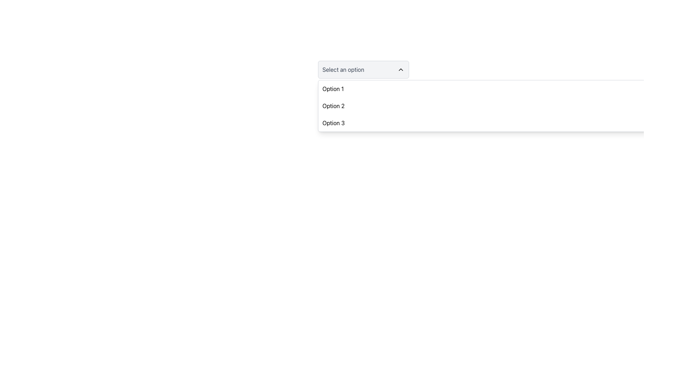  What do you see at coordinates (333, 89) in the screenshot?
I see `the 'Option 1' item in the dropdown menu` at bounding box center [333, 89].